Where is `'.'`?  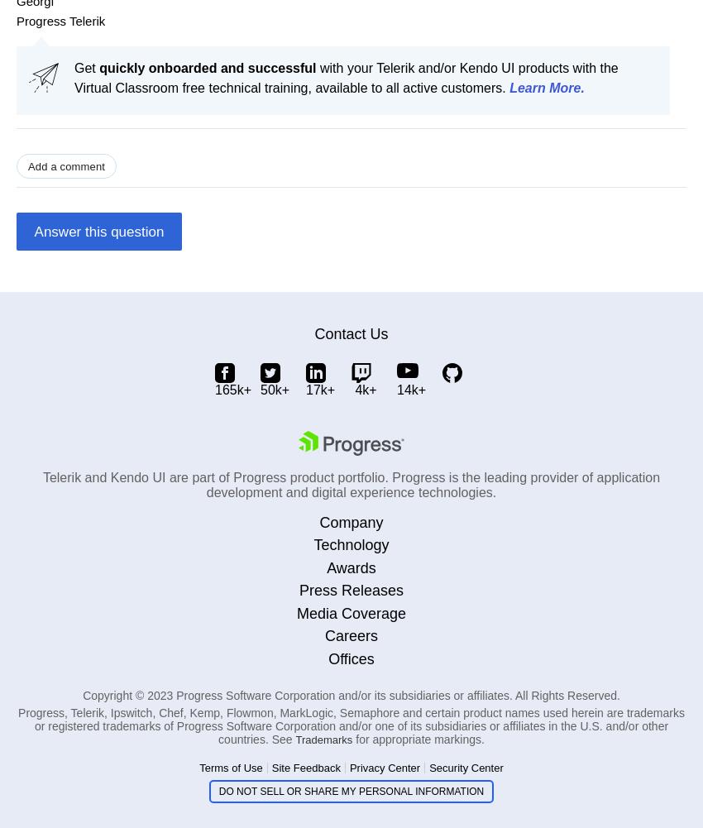
'.' is located at coordinates (580, 87).